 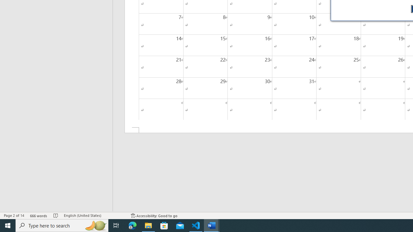 What do you see at coordinates (95, 225) in the screenshot?
I see `'Search highlights icon opens search home window'` at bounding box center [95, 225].